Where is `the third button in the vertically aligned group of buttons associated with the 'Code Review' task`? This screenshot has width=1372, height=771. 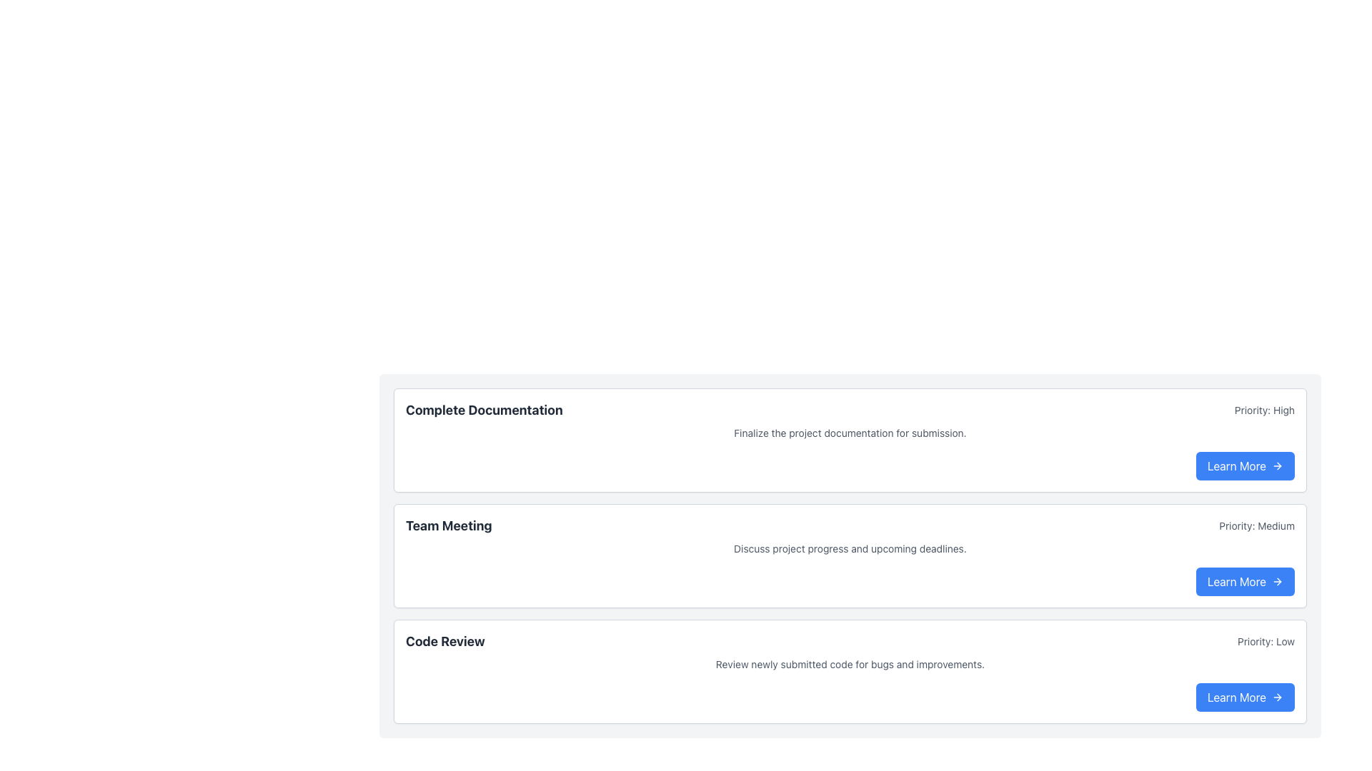
the third button in the vertically aligned group of buttons associated with the 'Code Review' task is located at coordinates (1244, 696).